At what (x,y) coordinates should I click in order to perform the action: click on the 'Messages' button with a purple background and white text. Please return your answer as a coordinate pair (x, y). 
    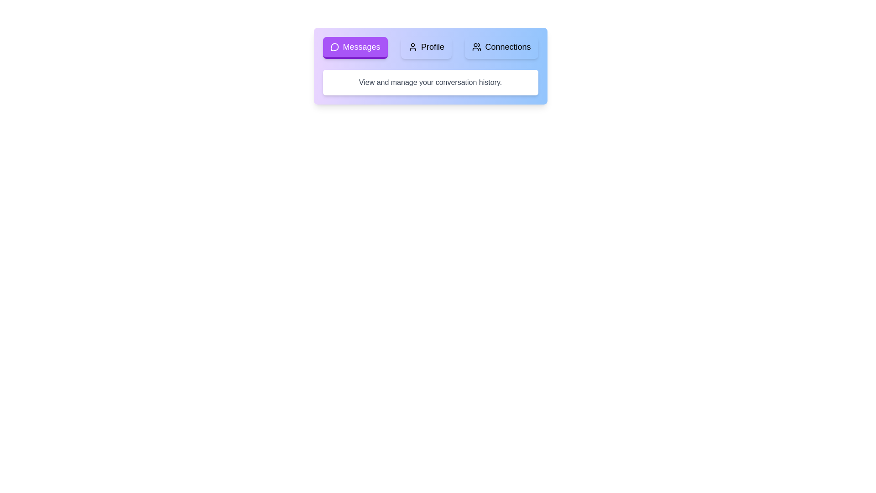
    Looking at the image, I should click on (355, 47).